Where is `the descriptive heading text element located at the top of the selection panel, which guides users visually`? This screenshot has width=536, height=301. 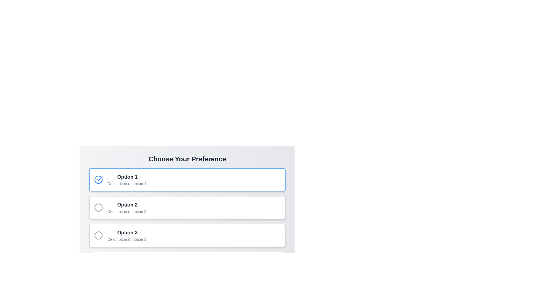
the descriptive heading text element located at the top of the selection panel, which guides users visually is located at coordinates (187, 159).